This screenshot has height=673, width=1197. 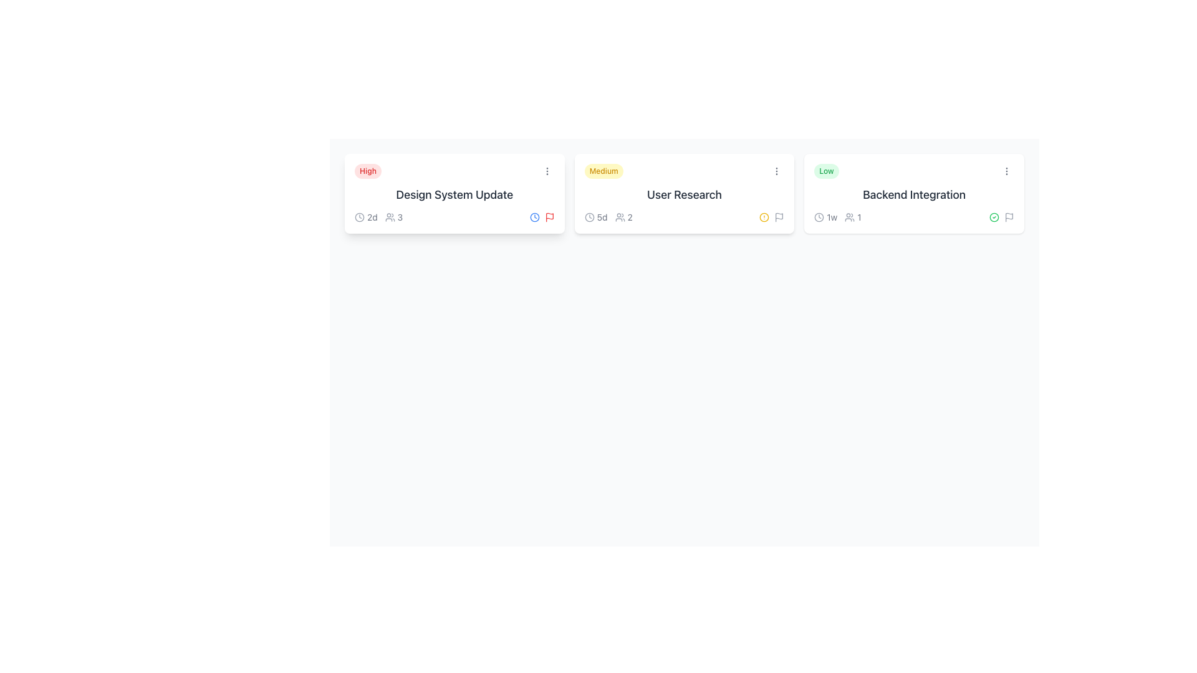 What do you see at coordinates (684, 171) in the screenshot?
I see `the status label 'Medium' on the yellow pill-shaped background of the status indicator located at the top section of the 'User Research' card` at bounding box center [684, 171].